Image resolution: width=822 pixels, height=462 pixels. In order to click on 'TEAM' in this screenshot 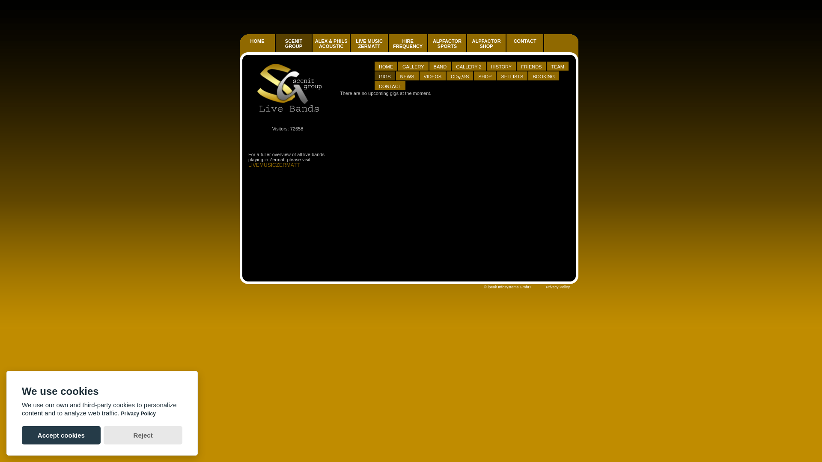, I will do `click(557, 66)`.